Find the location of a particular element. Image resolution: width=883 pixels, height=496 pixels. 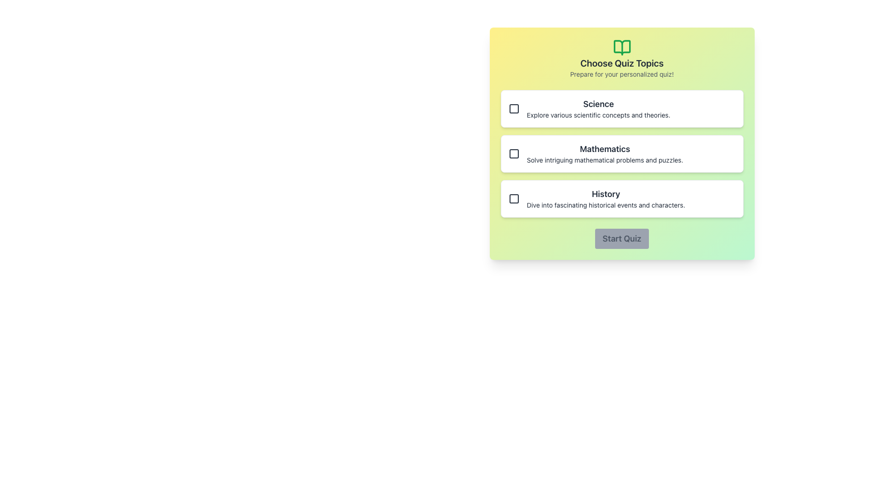

text label that says 'Prepare for your personalized quiz!', which is styled with a small font and gray color, located below the heading 'Choose Quiz Topics' in a centrally-aligned section of the light gradient background interface is located at coordinates (622, 74).